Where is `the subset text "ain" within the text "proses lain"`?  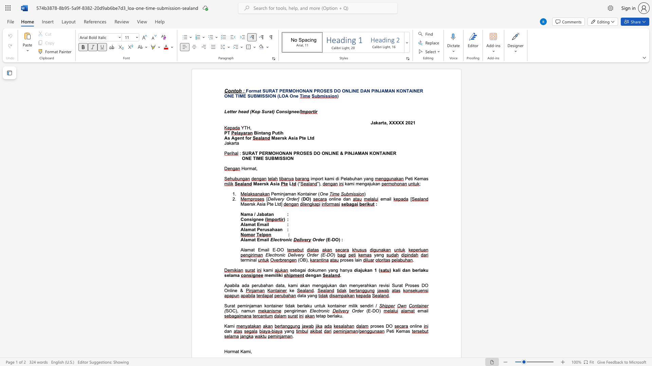 the subset text "ain" within the text "proses lain" is located at coordinates (355, 260).